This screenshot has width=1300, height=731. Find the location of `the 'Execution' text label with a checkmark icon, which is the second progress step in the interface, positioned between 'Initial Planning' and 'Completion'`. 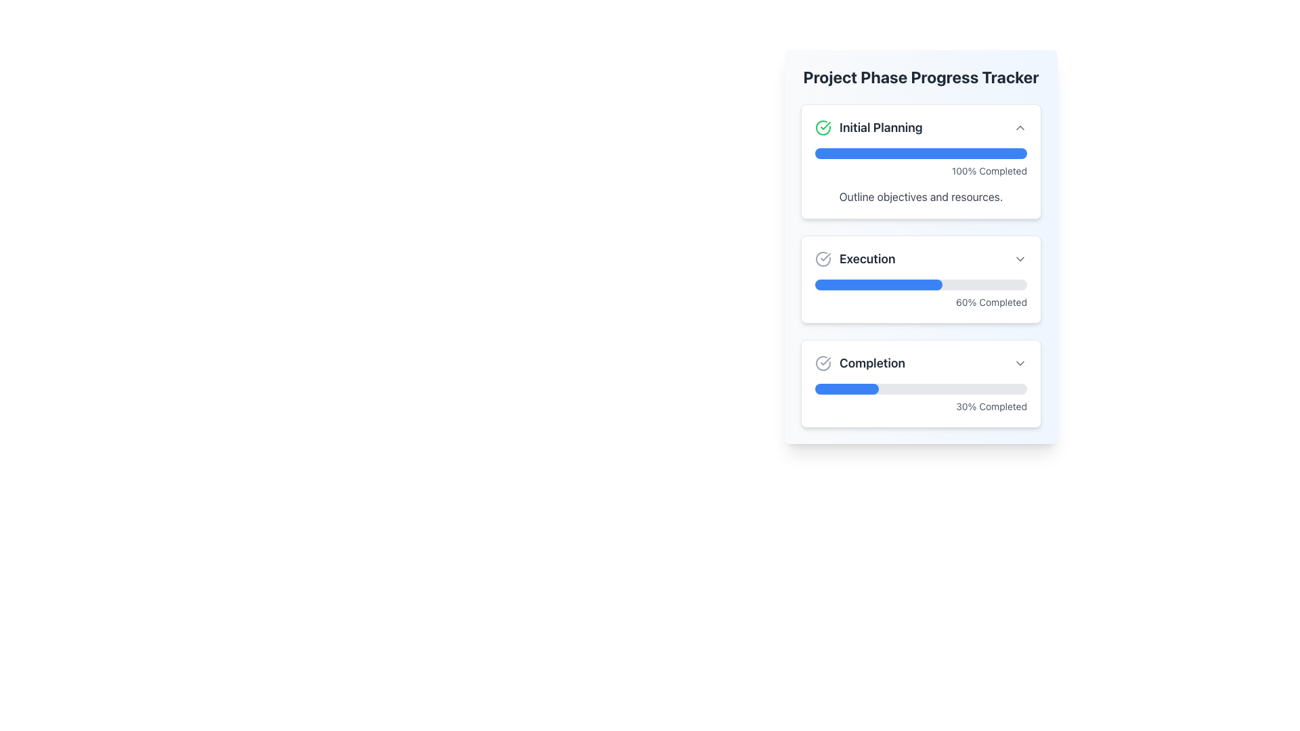

the 'Execution' text label with a checkmark icon, which is the second progress step in the interface, positioned between 'Initial Planning' and 'Completion' is located at coordinates (854, 259).